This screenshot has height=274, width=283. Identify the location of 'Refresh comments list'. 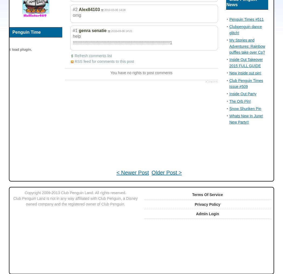
(93, 56).